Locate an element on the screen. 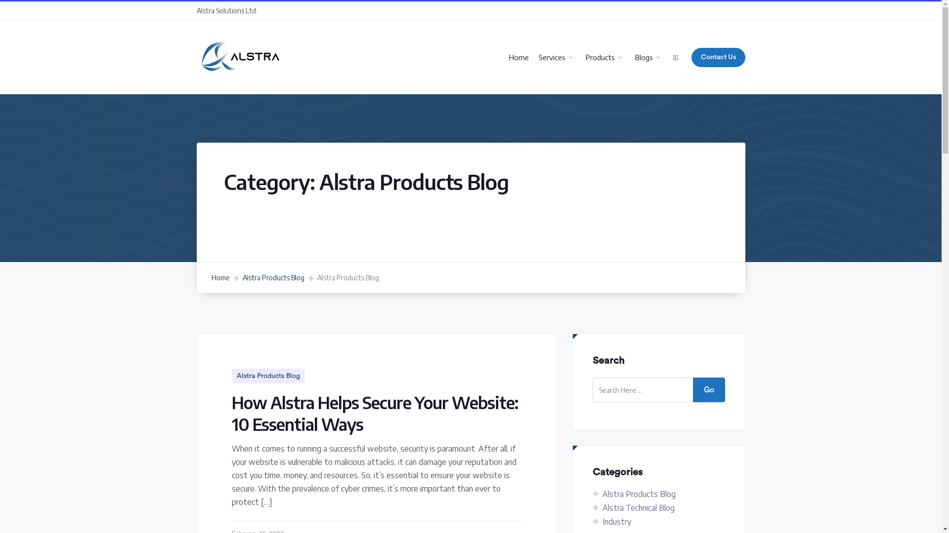 The image size is (949, 533). 'How Alstra Helps Secure Your Website: 10 Essential Ways' is located at coordinates (374, 413).